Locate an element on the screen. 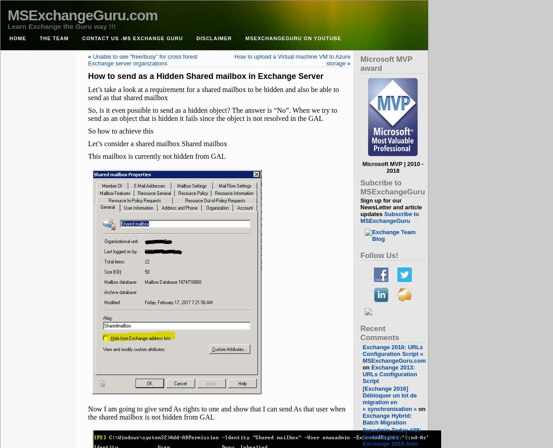  'Now I am going to give send As rights to one and show that I can send As that user when the shared mailbox is not hidden from GAL' is located at coordinates (216, 413).